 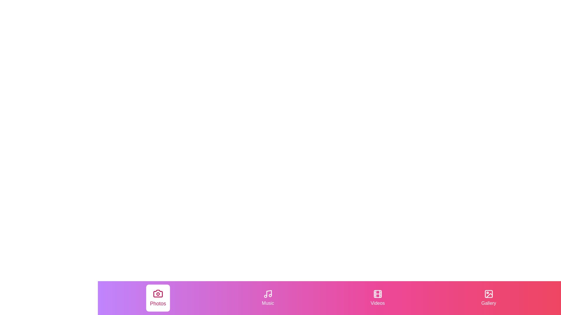 I want to click on the Photos tab by clicking on its corresponding button, so click(x=158, y=298).